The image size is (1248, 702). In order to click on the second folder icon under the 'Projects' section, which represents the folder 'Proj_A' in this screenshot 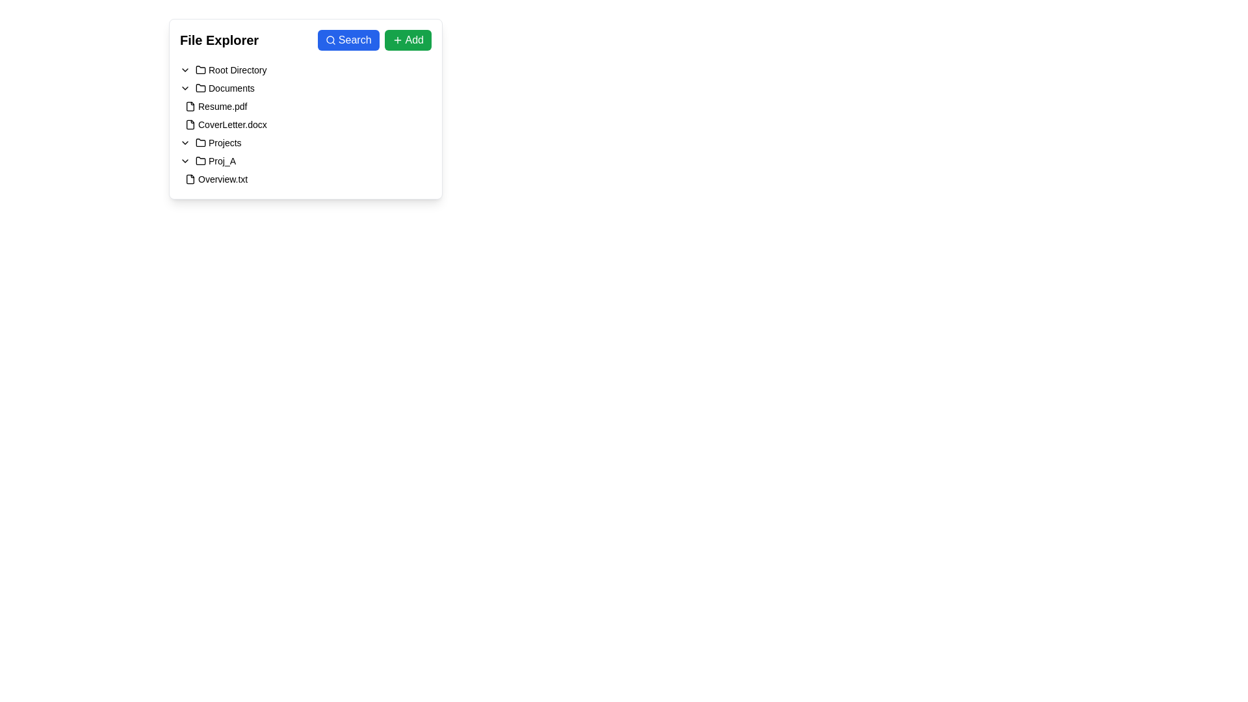, I will do `click(200, 160)`.